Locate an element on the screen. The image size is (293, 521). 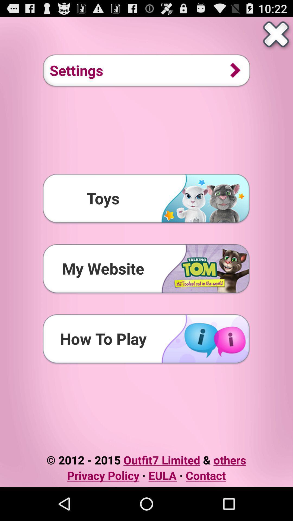
the item below how to play icon is located at coordinates (146, 459).